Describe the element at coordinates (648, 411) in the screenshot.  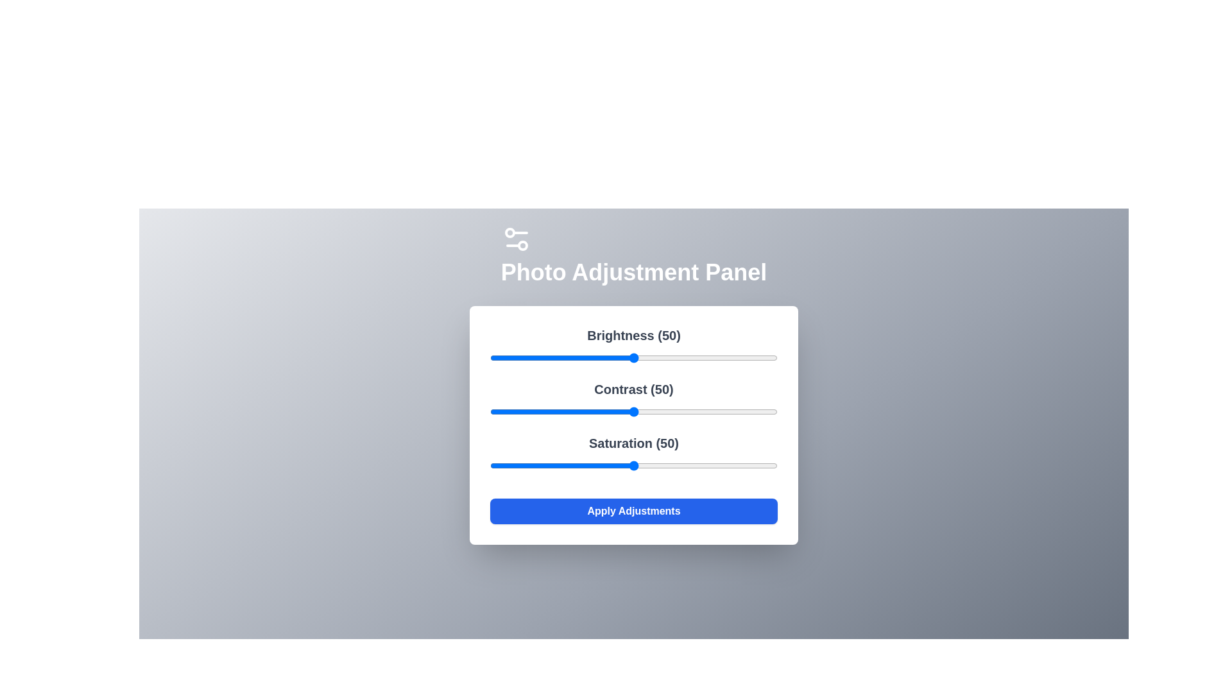
I see `the 1 slider to 55` at that location.